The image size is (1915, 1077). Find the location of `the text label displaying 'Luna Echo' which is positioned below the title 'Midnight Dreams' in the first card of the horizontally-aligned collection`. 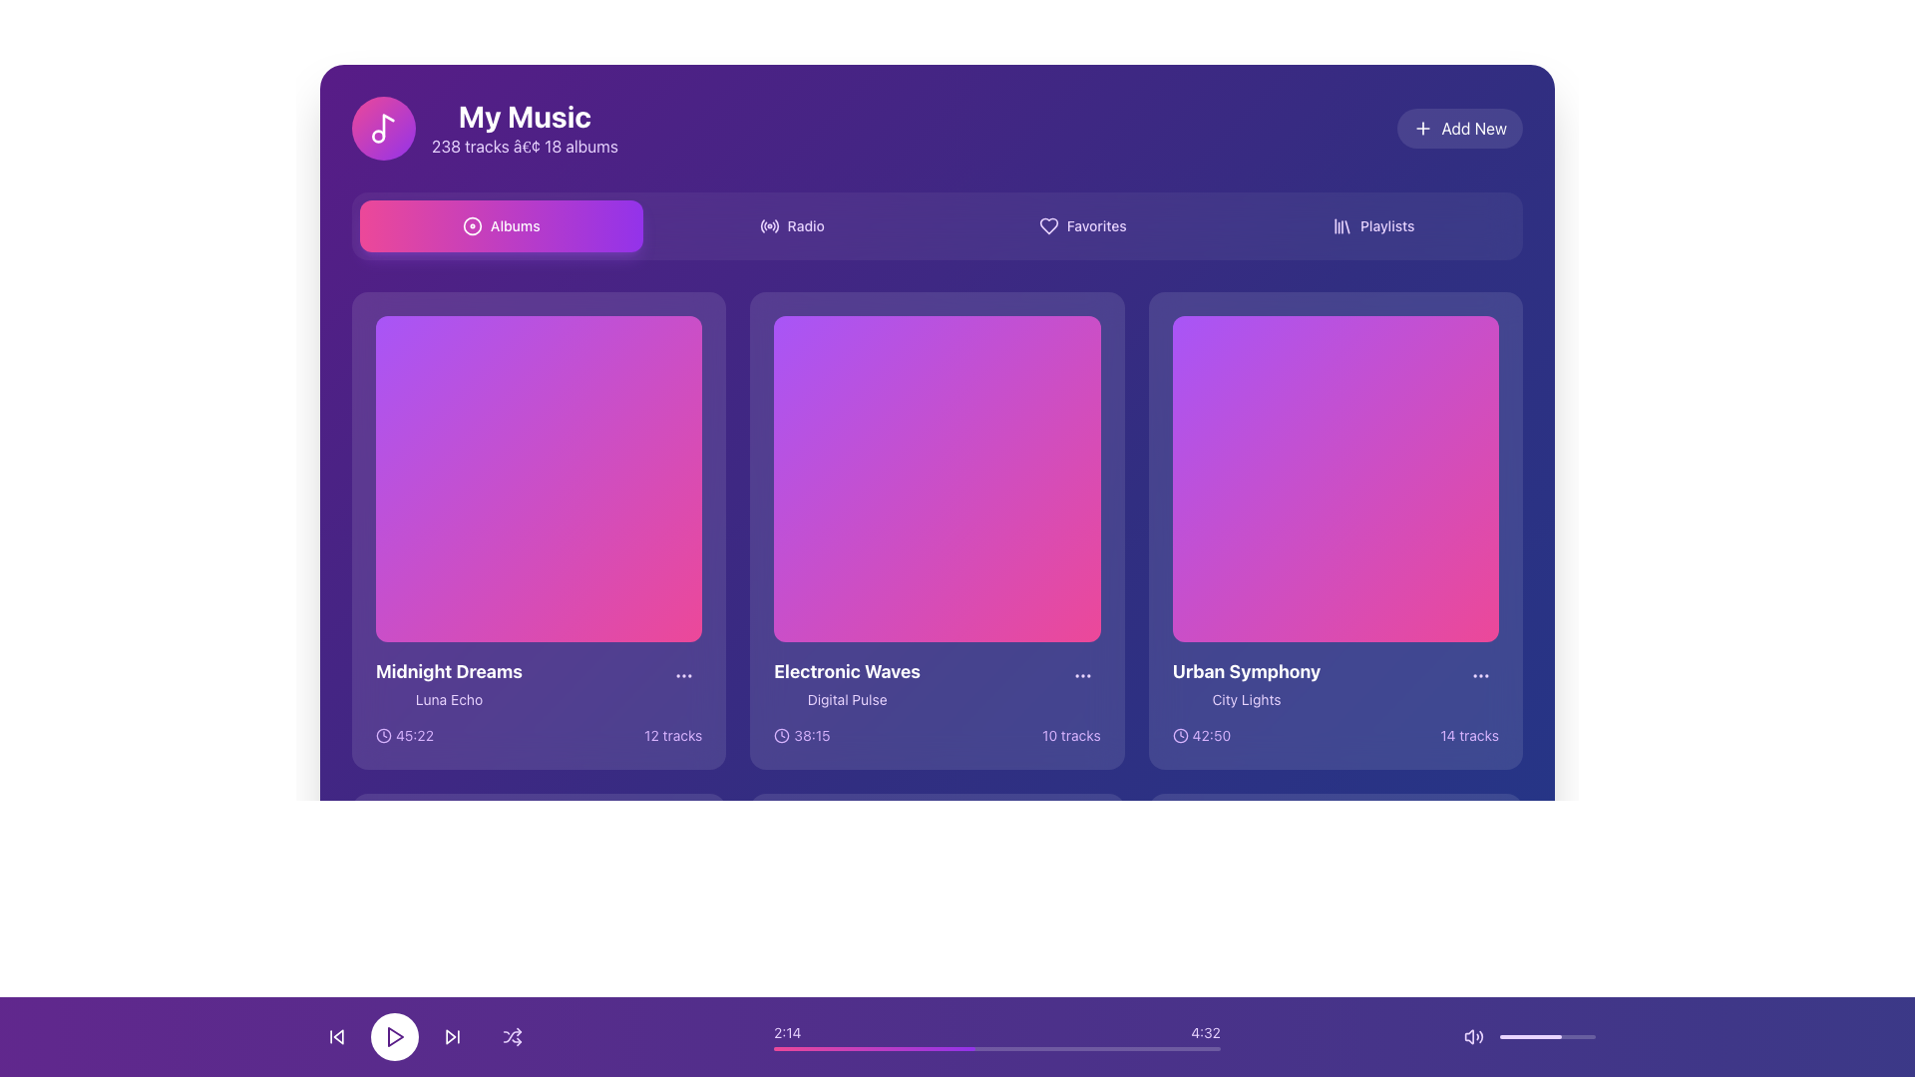

the text label displaying 'Luna Echo' which is positioned below the title 'Midnight Dreams' in the first card of the horizontally-aligned collection is located at coordinates (448, 699).